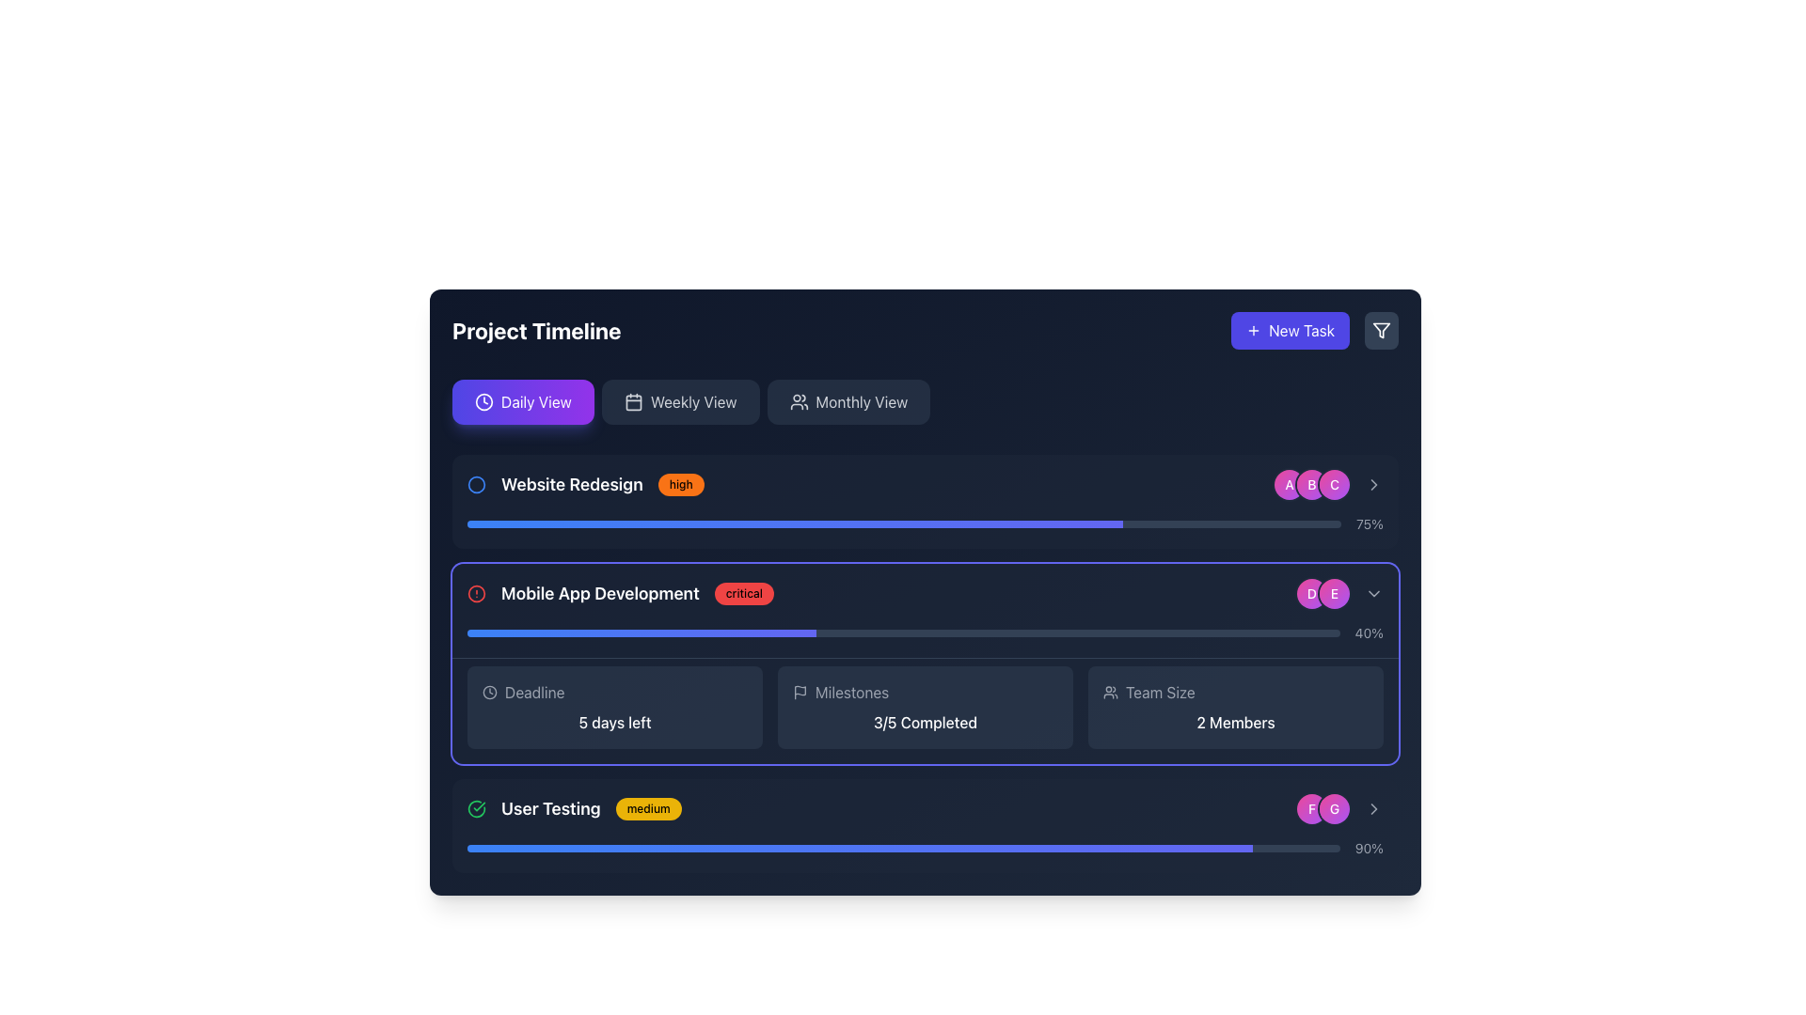 The height and width of the screenshot is (1015, 1806). I want to click on the filter icon located in the top-right corner of the interface, adjacent to the 'New Task' button, so click(1381, 329).